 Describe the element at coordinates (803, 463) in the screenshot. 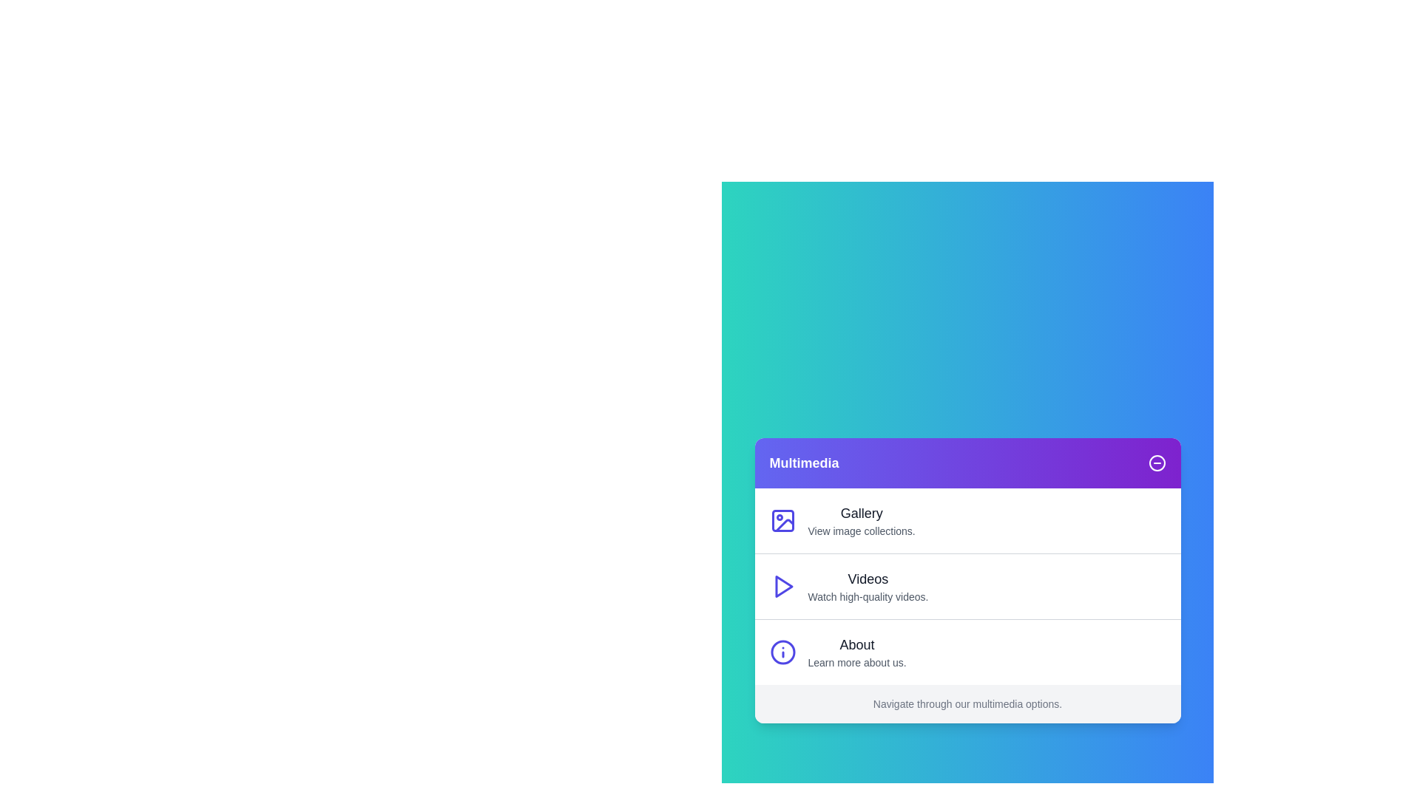

I see `the header text 'Multimedia' to focus or interact with it` at that location.